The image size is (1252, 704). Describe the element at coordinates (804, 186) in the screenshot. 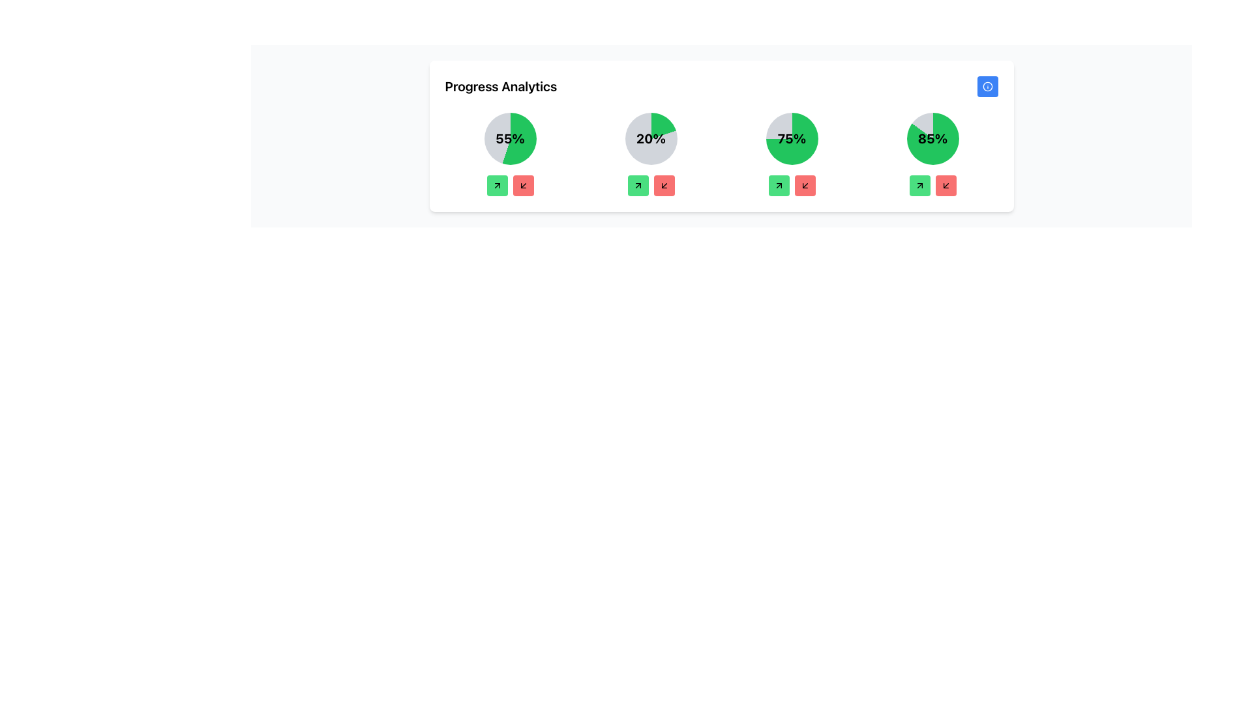

I see `the navigation icon located below the third donut chart` at that location.